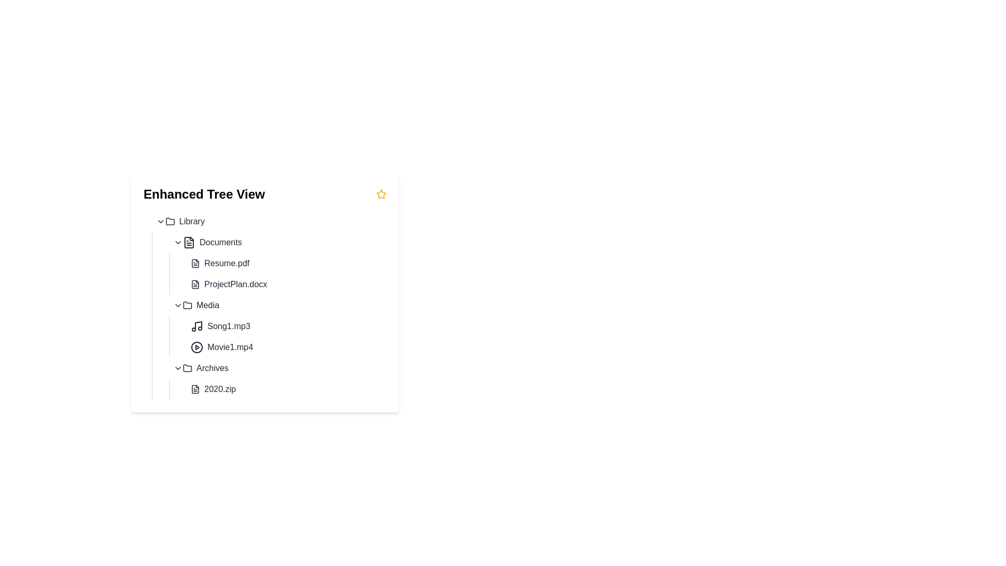 This screenshot has width=1006, height=566. I want to click on the document-like icon with a folded corner representing the file '2020.zip' located under 'Enhanced Tree View' in the 'Archives' section, so click(195, 389).